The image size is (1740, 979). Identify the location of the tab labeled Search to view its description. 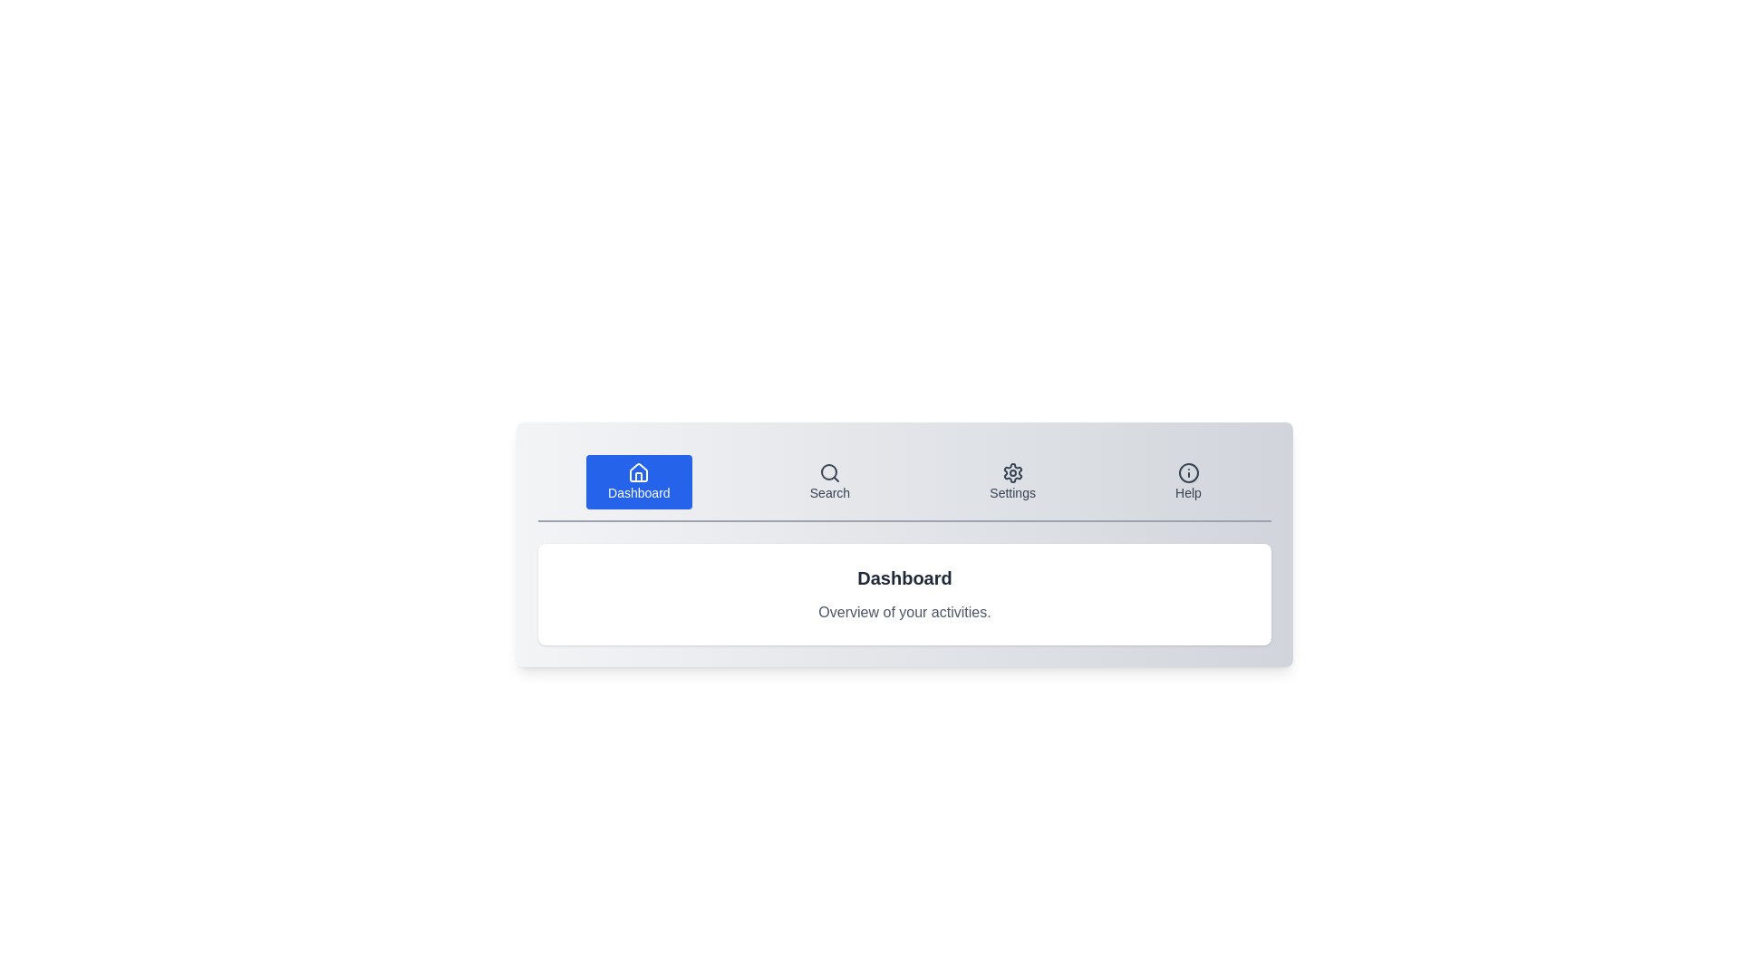
(828, 481).